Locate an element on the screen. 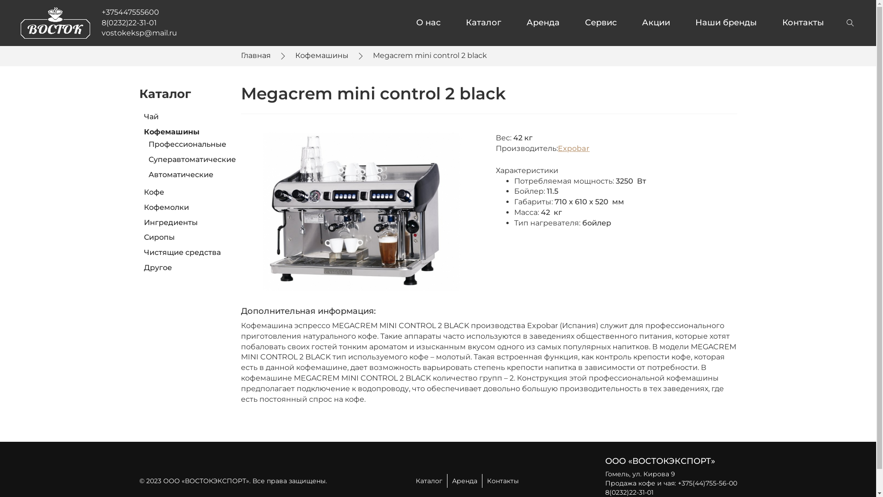 This screenshot has height=497, width=883. '8(0232)22-31-01' is located at coordinates (629, 491).